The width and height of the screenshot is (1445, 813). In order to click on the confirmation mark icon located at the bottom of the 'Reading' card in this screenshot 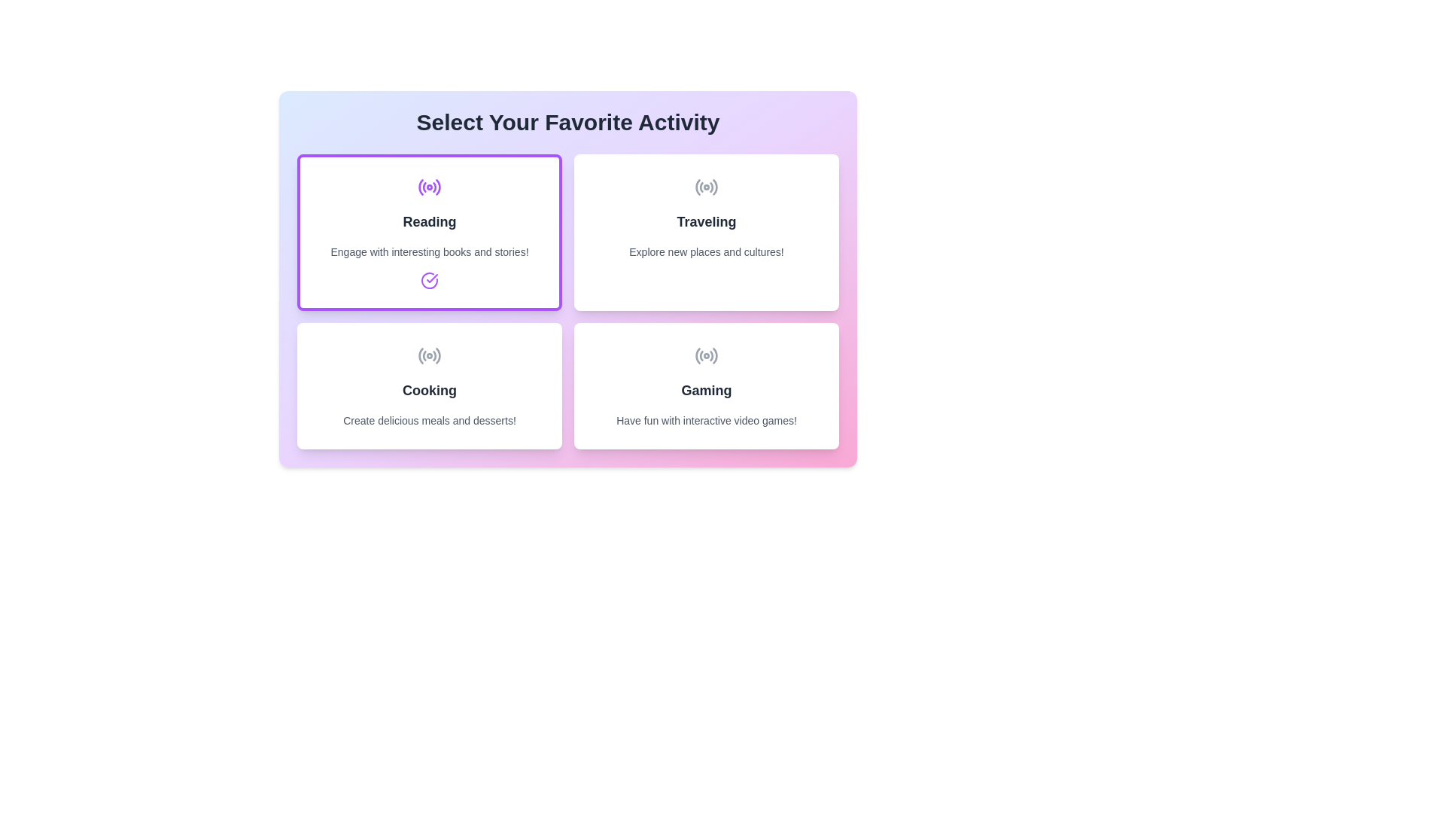, I will do `click(429, 281)`.